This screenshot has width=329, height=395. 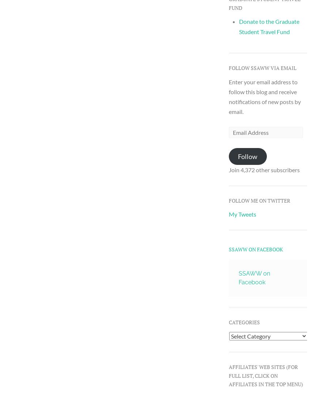 What do you see at coordinates (244, 322) in the screenshot?
I see `'Categories'` at bounding box center [244, 322].